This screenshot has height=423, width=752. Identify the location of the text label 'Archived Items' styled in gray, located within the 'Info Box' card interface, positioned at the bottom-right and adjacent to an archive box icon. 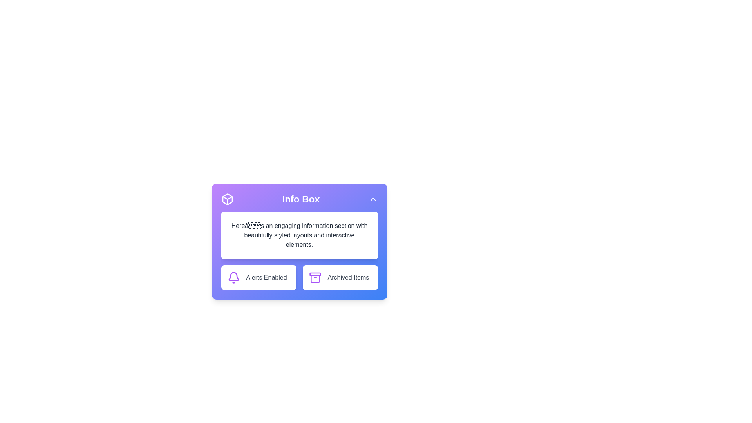
(348, 277).